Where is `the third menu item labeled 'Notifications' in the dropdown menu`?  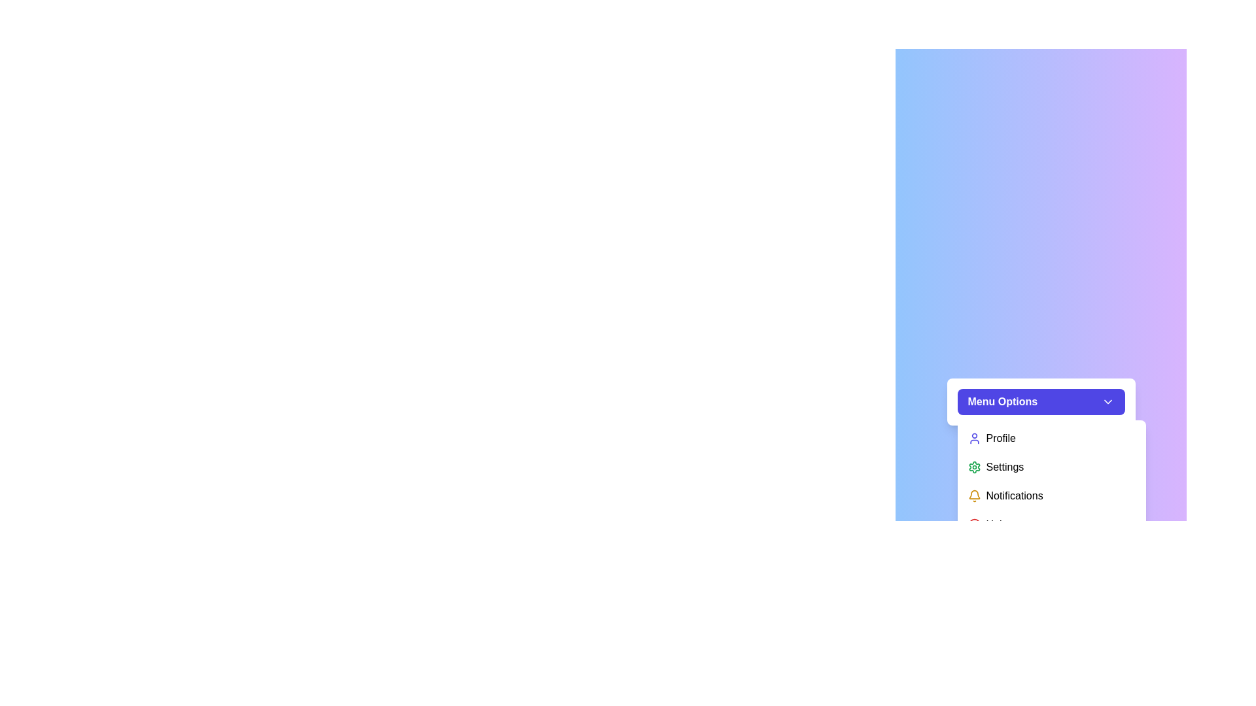
the third menu item labeled 'Notifications' in the dropdown menu is located at coordinates (1051, 481).